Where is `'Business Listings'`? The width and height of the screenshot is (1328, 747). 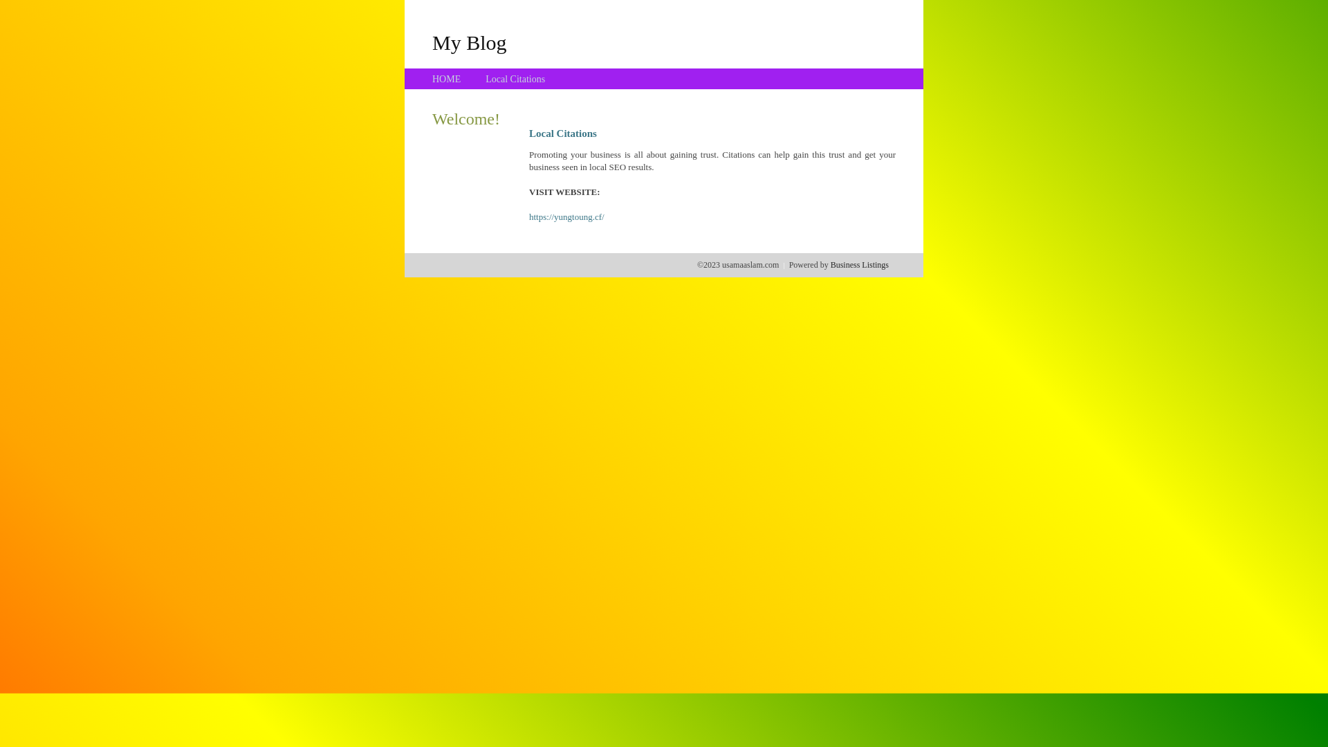 'Business Listings' is located at coordinates (859, 264).